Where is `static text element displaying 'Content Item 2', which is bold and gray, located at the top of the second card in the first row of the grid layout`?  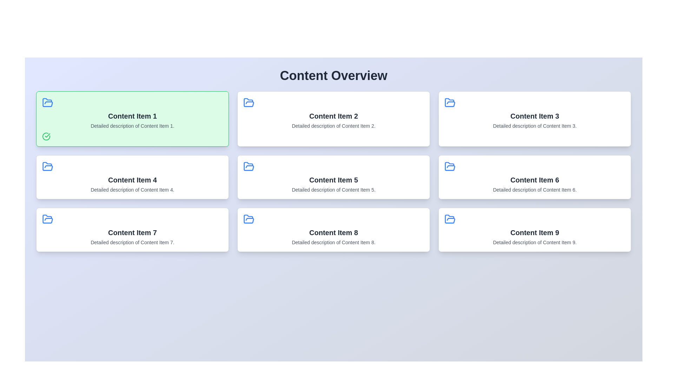
static text element displaying 'Content Item 2', which is bold and gray, located at the top of the second card in the first row of the grid layout is located at coordinates (333, 116).